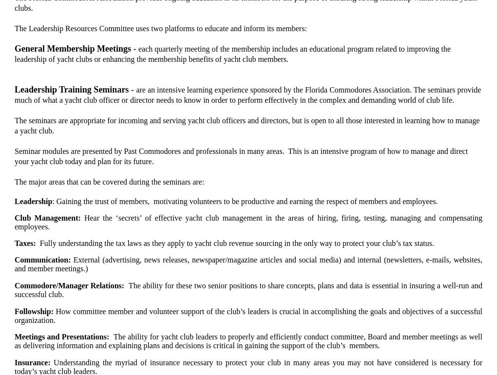 Image resolution: width=497 pixels, height=375 pixels. Describe the element at coordinates (33, 201) in the screenshot. I see `'Leadership'` at that location.